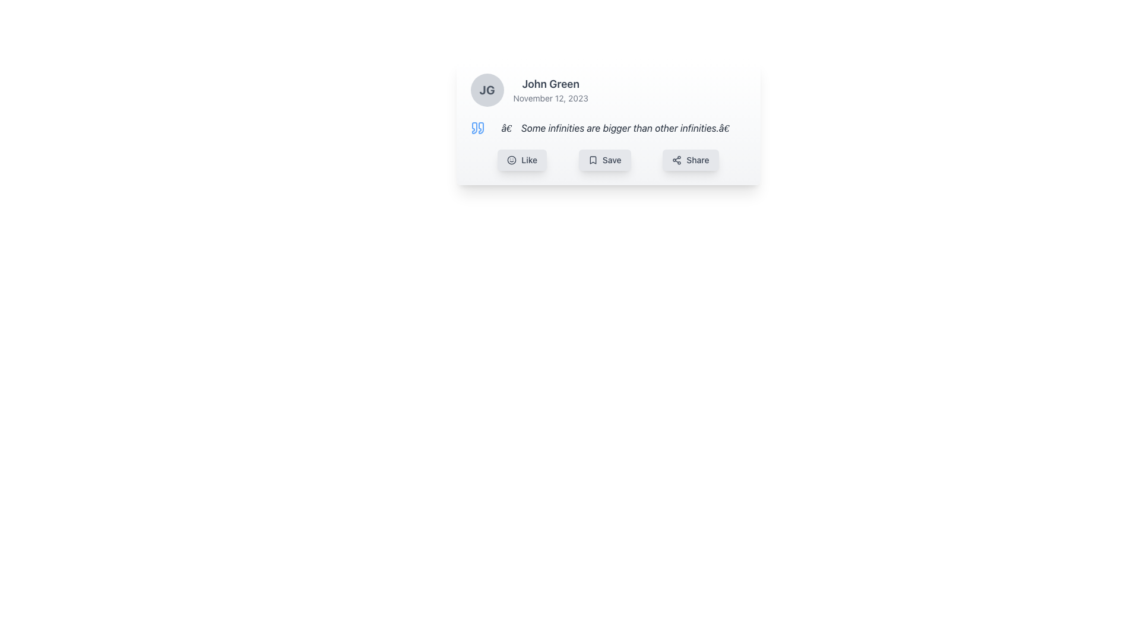  What do you see at coordinates (608, 128) in the screenshot?
I see `the text block containing a gray italicized quote that starts with a blue quotation mark icon, situated below the 'John Green' header and above the 'Like', 'Save', and 'Share' buttons` at bounding box center [608, 128].